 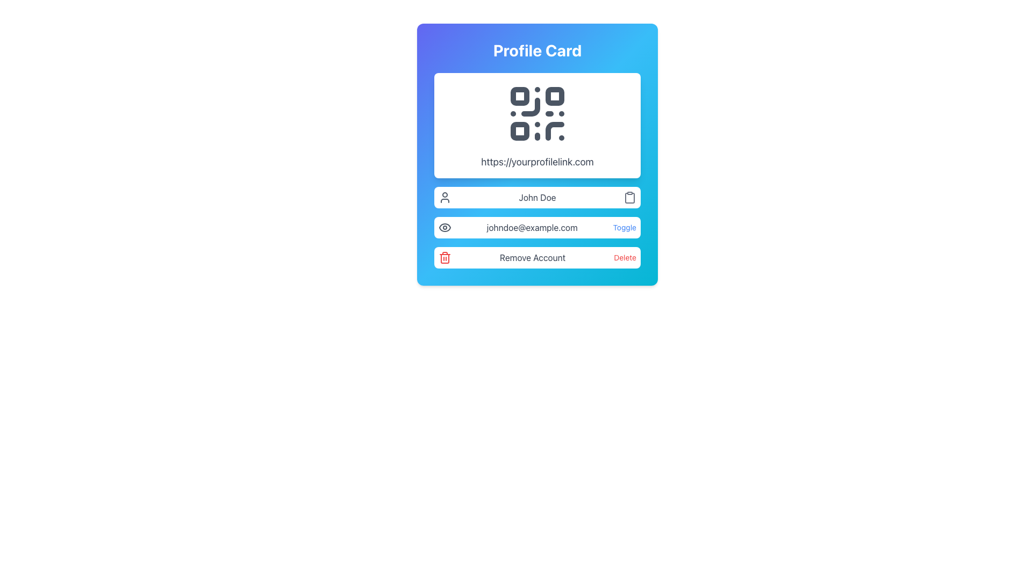 What do you see at coordinates (625, 257) in the screenshot?
I see `the 'Delete' text label styled in red font located on the far right of the 'Remove Account' bar` at bounding box center [625, 257].